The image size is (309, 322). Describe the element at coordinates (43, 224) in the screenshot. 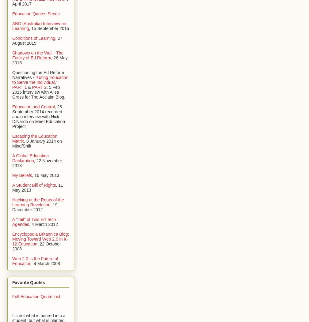

I see `', 4 March 2012'` at that location.